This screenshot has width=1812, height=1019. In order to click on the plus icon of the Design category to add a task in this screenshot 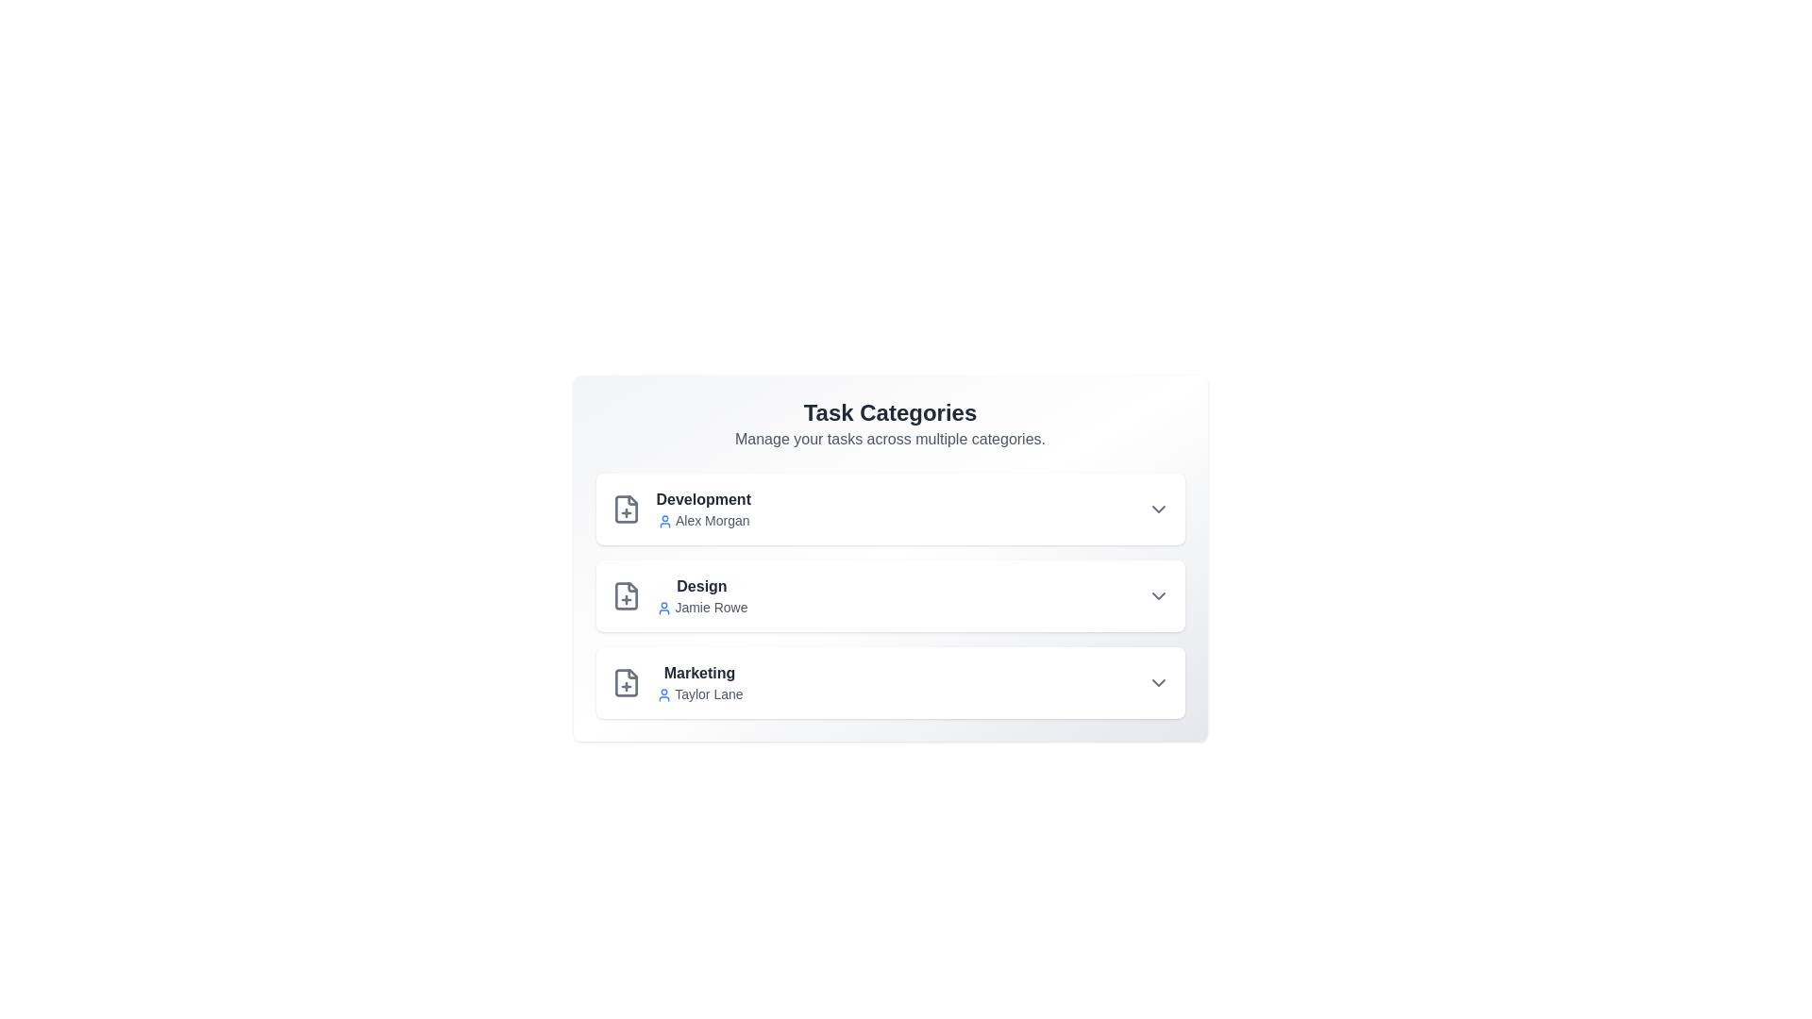, I will do `click(626, 596)`.